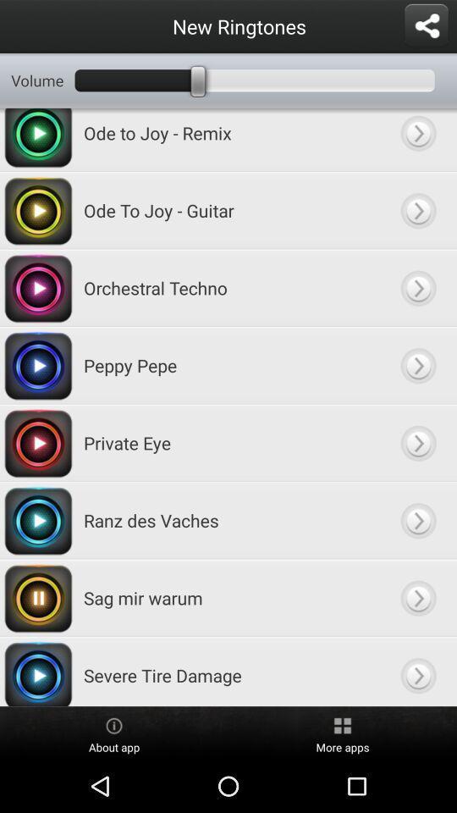 This screenshot has width=457, height=813. What do you see at coordinates (417, 209) in the screenshot?
I see `details button` at bounding box center [417, 209].